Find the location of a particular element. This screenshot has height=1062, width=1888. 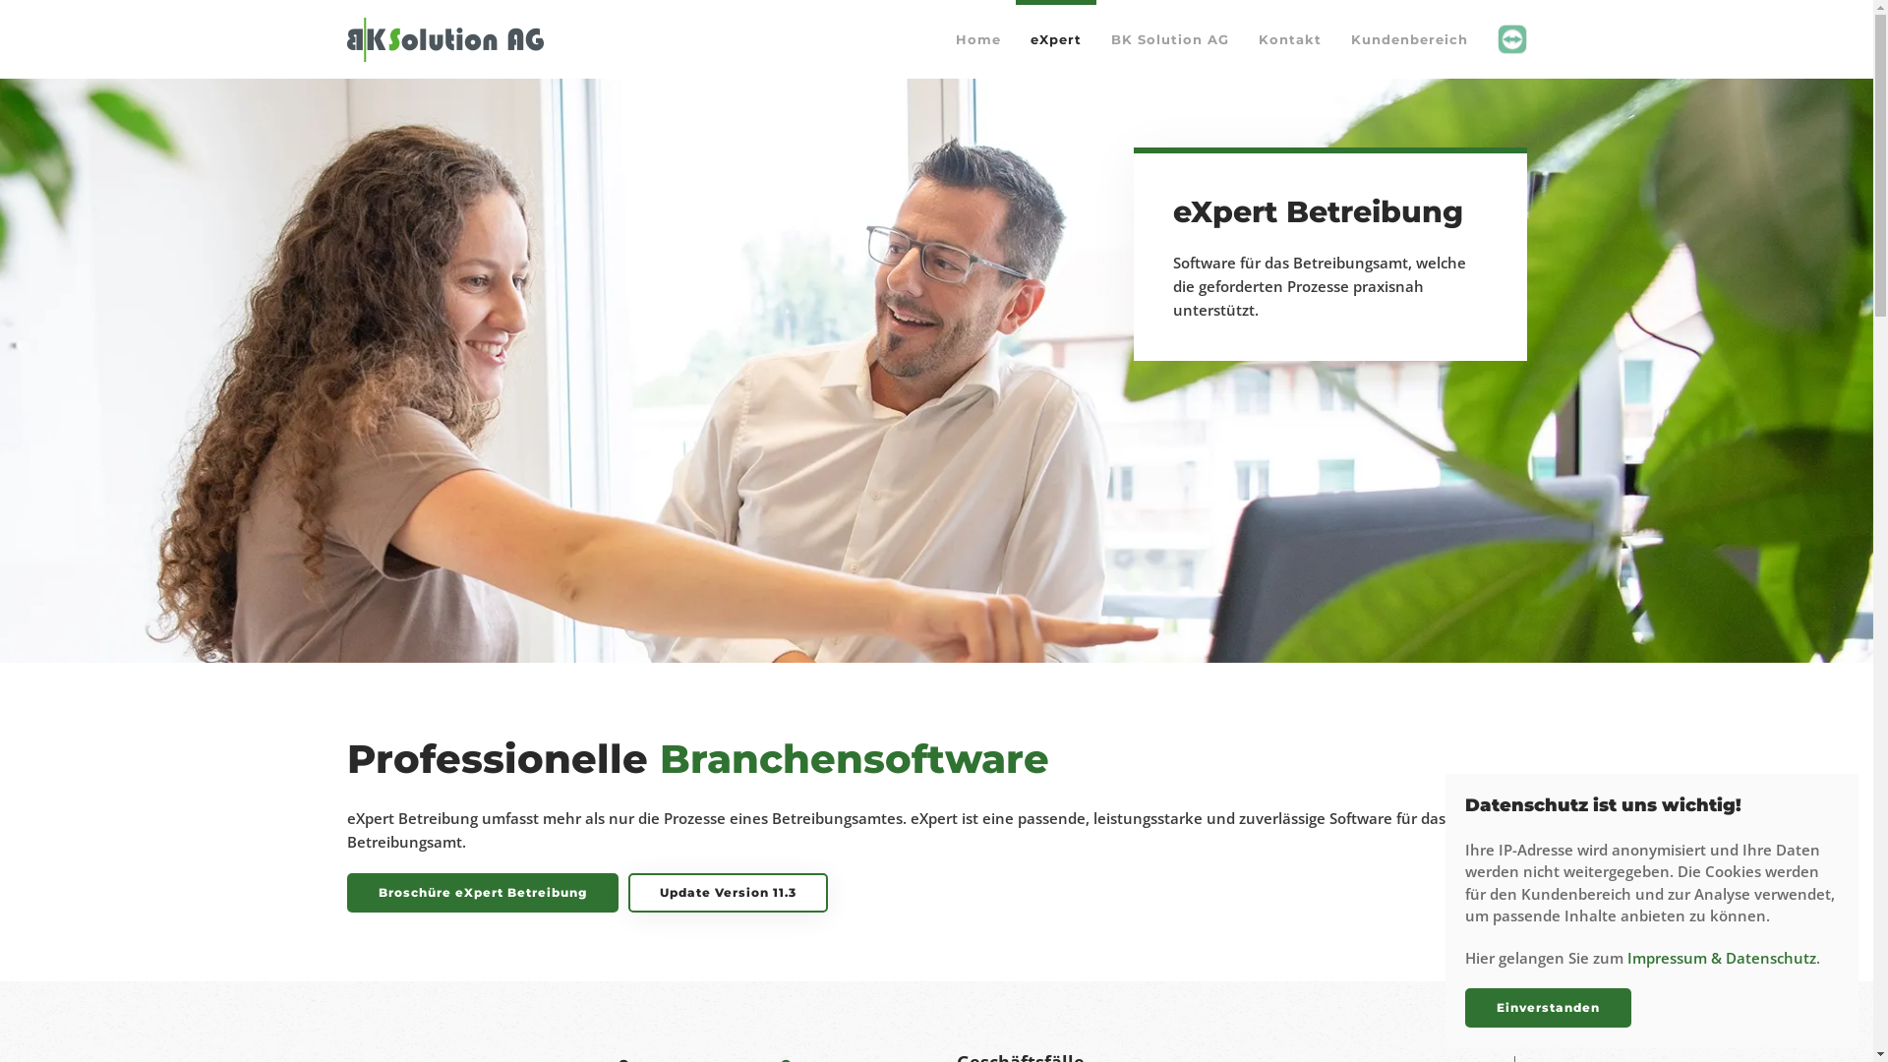

'Kontakt' is located at coordinates (1241, 38).